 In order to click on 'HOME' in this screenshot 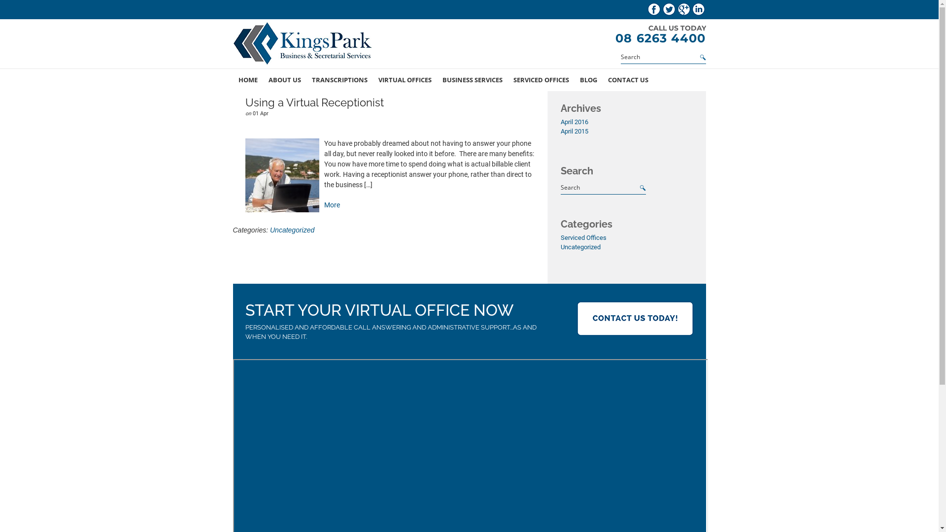, I will do `click(247, 79)`.